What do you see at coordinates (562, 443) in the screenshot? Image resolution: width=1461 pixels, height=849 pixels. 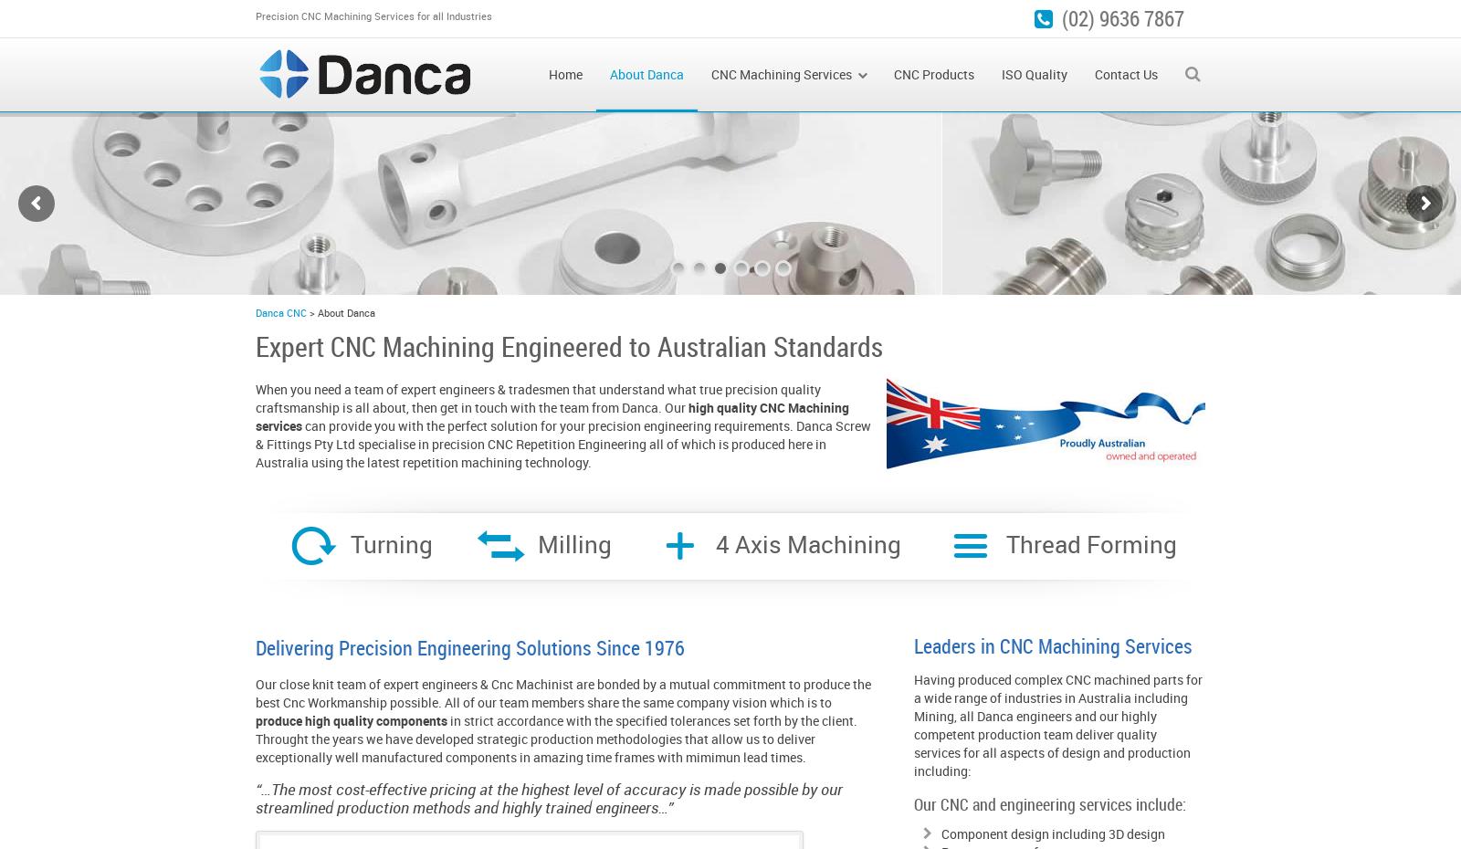 I see `'can provide you with the perfect solution for your precision engineering requirements. Danca Screw & Fittings Pty Ltd specialise in precision CNC Repetition Engineering all of which is produced here in Australia using the latest repetition machining technology.'` at bounding box center [562, 443].